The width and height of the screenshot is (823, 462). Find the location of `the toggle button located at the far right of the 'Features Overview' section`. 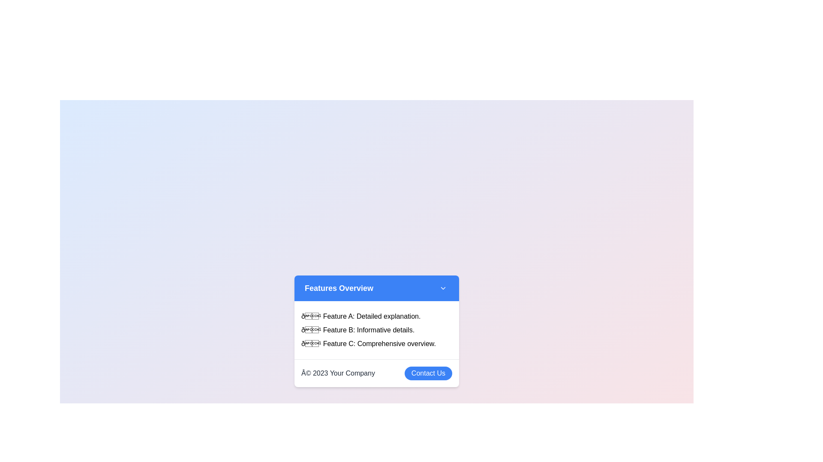

the toggle button located at the far right of the 'Features Overview' section is located at coordinates (443, 287).